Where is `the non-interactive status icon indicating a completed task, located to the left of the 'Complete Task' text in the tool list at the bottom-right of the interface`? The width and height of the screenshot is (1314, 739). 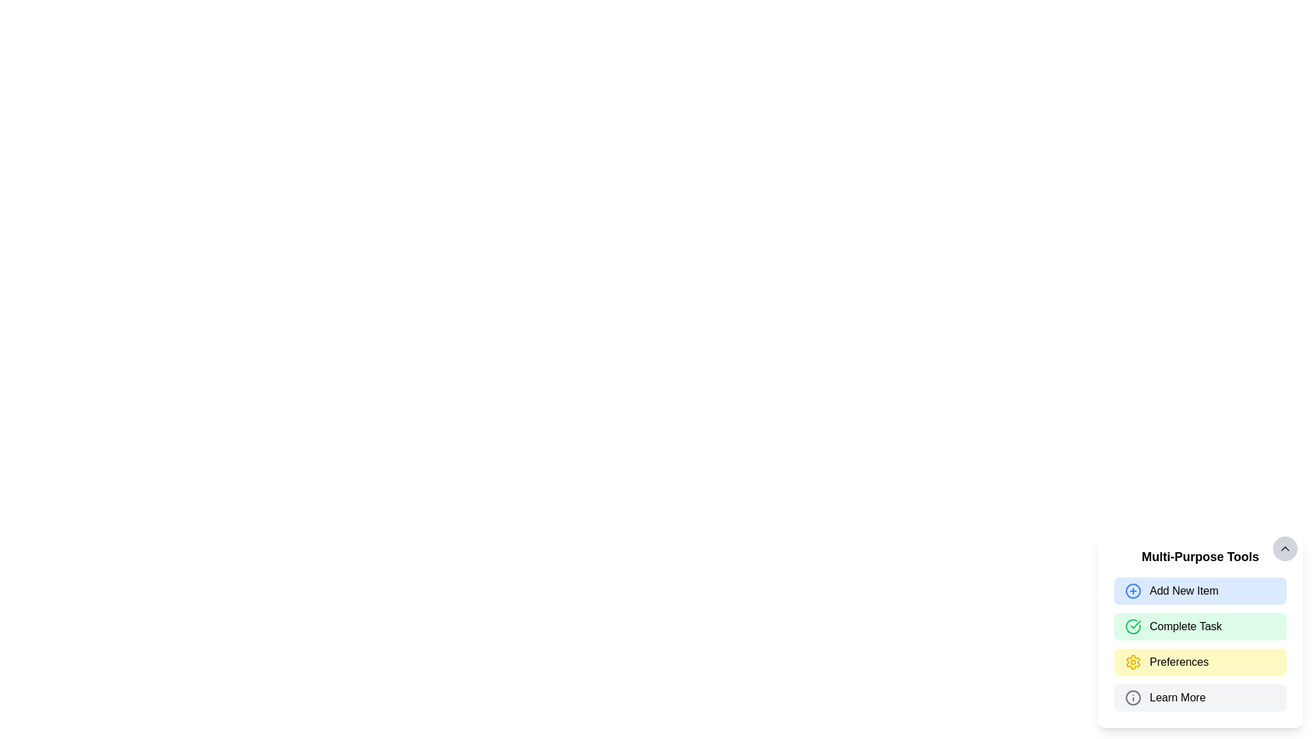 the non-interactive status icon indicating a completed task, located to the left of the 'Complete Task' text in the tool list at the bottom-right of the interface is located at coordinates (1133, 626).